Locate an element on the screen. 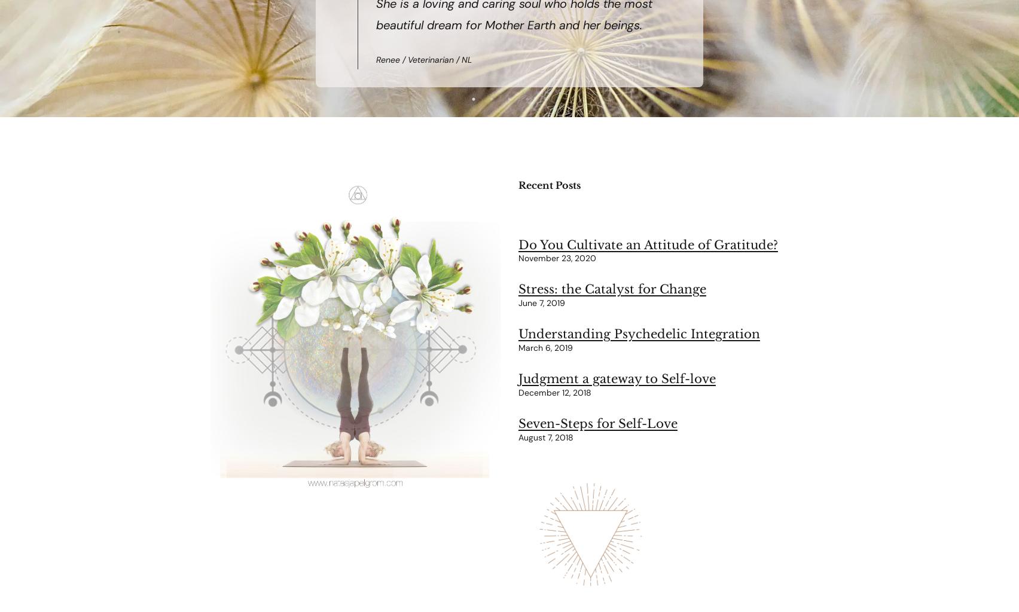  'August 7, 2018' is located at coordinates (545, 436).